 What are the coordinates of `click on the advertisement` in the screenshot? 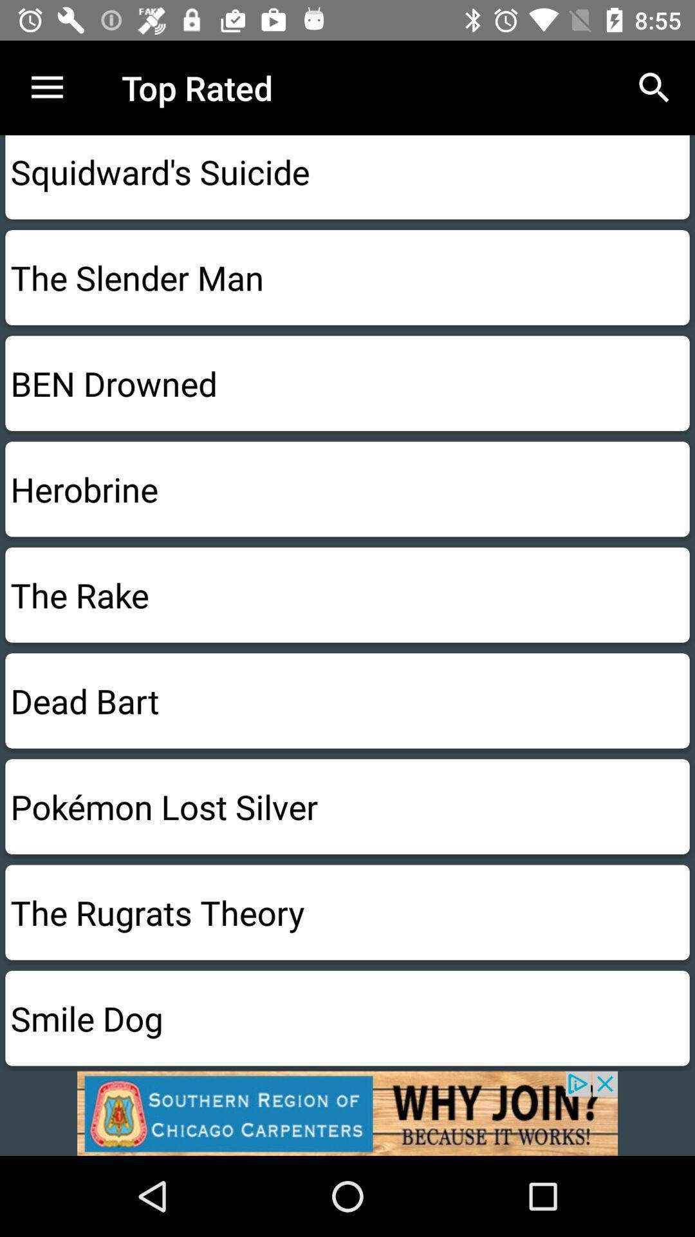 It's located at (347, 1113).